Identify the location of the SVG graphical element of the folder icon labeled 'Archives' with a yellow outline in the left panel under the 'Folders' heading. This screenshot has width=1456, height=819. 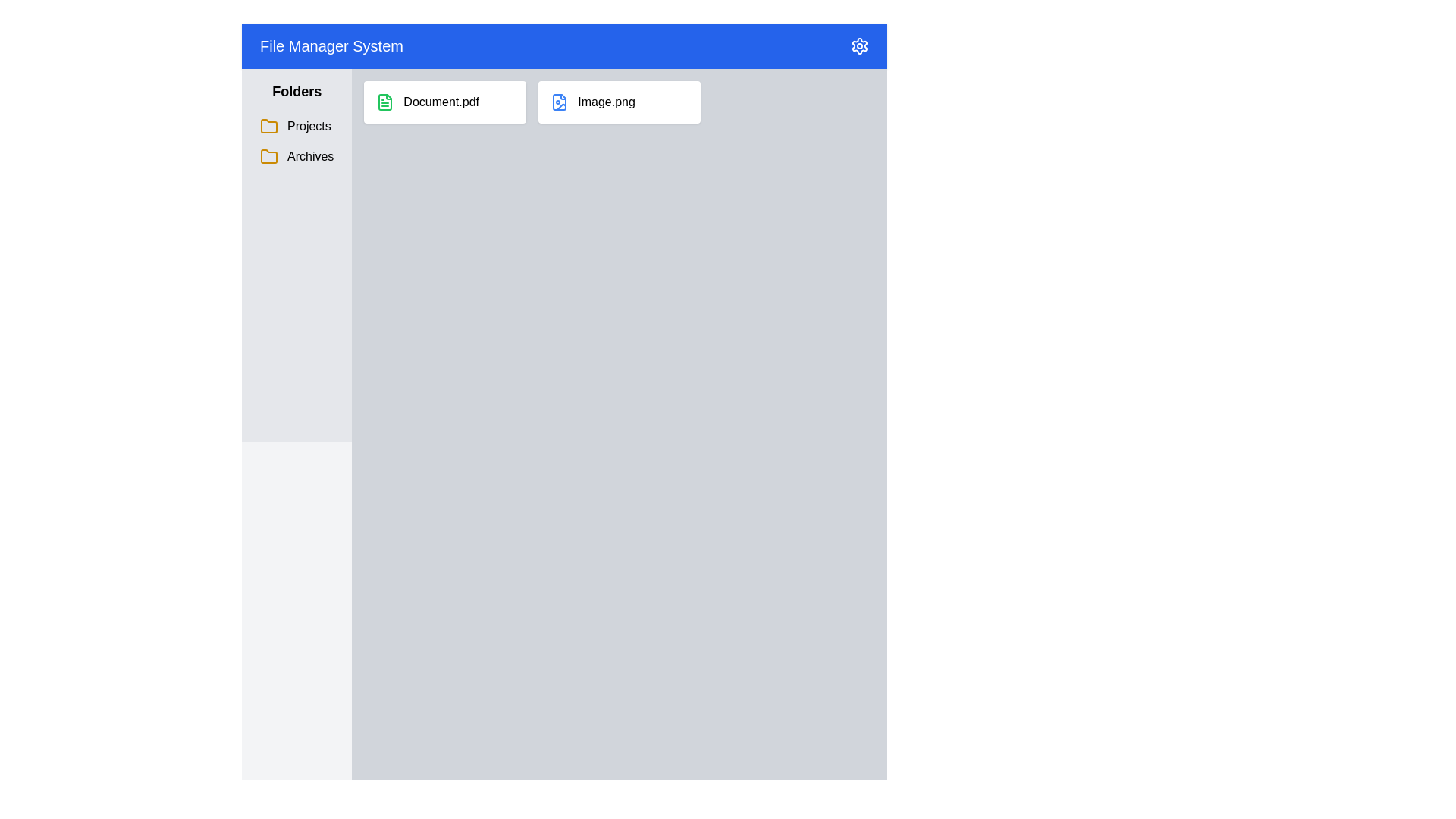
(269, 125).